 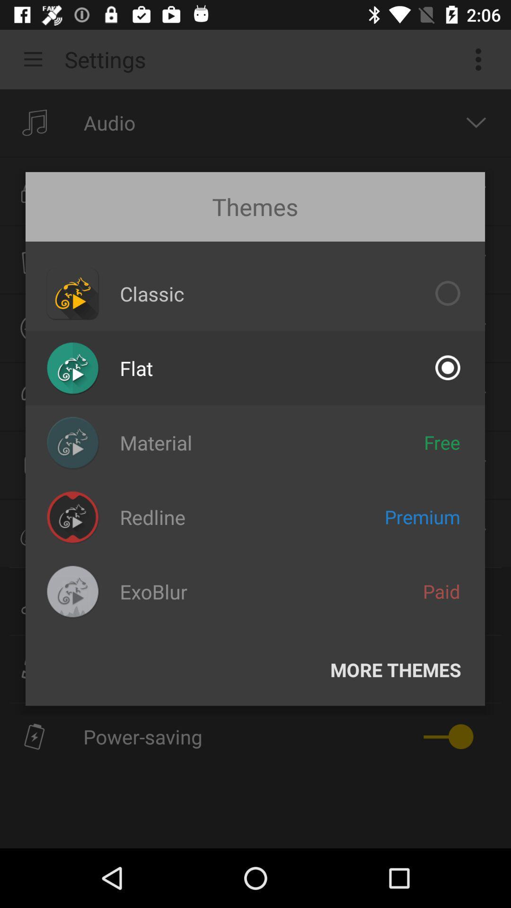 I want to click on more themes, so click(x=396, y=669).